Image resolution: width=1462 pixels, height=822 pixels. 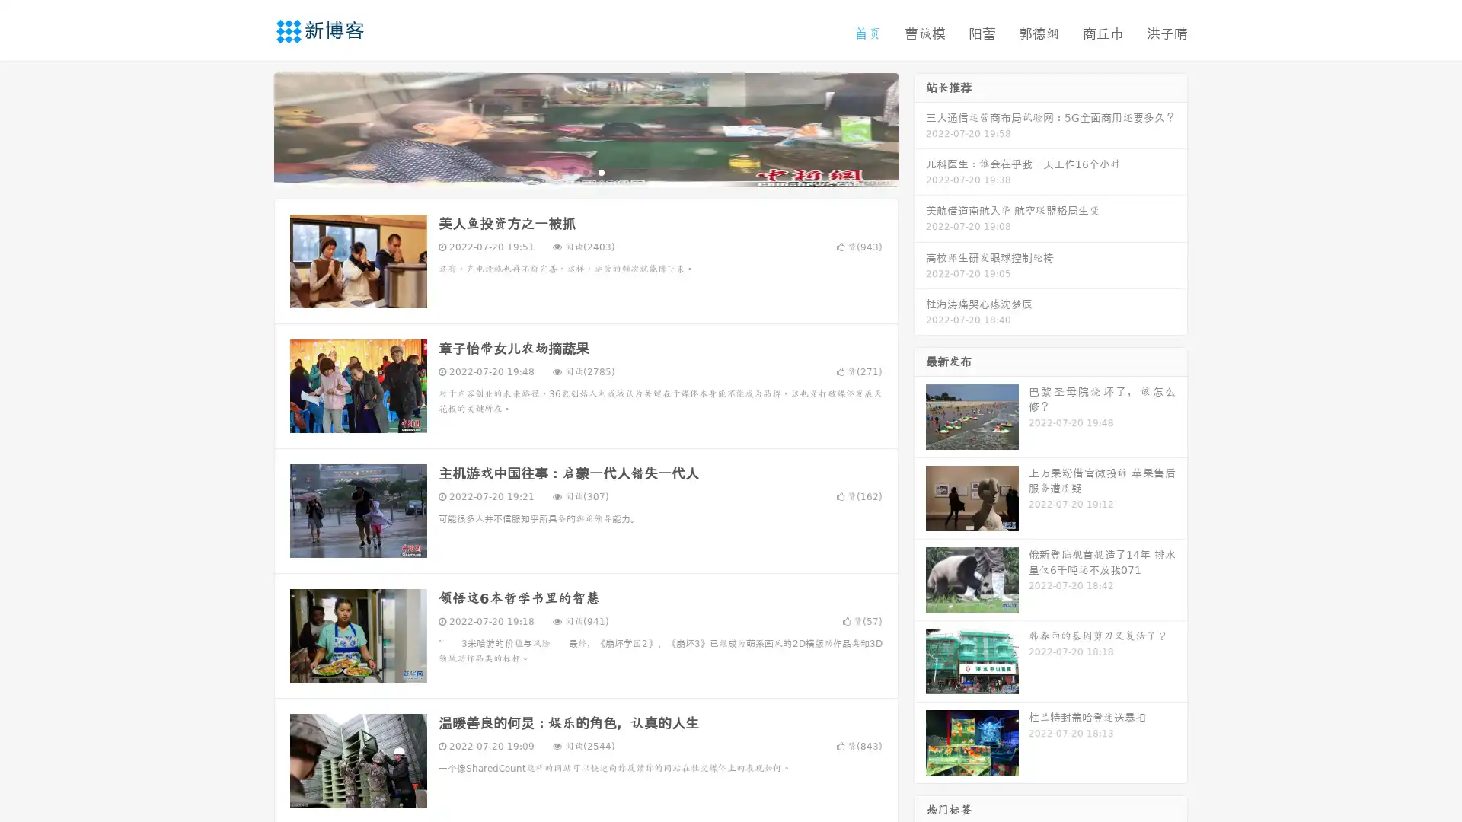 What do you see at coordinates (251, 128) in the screenshot?
I see `Previous slide` at bounding box center [251, 128].